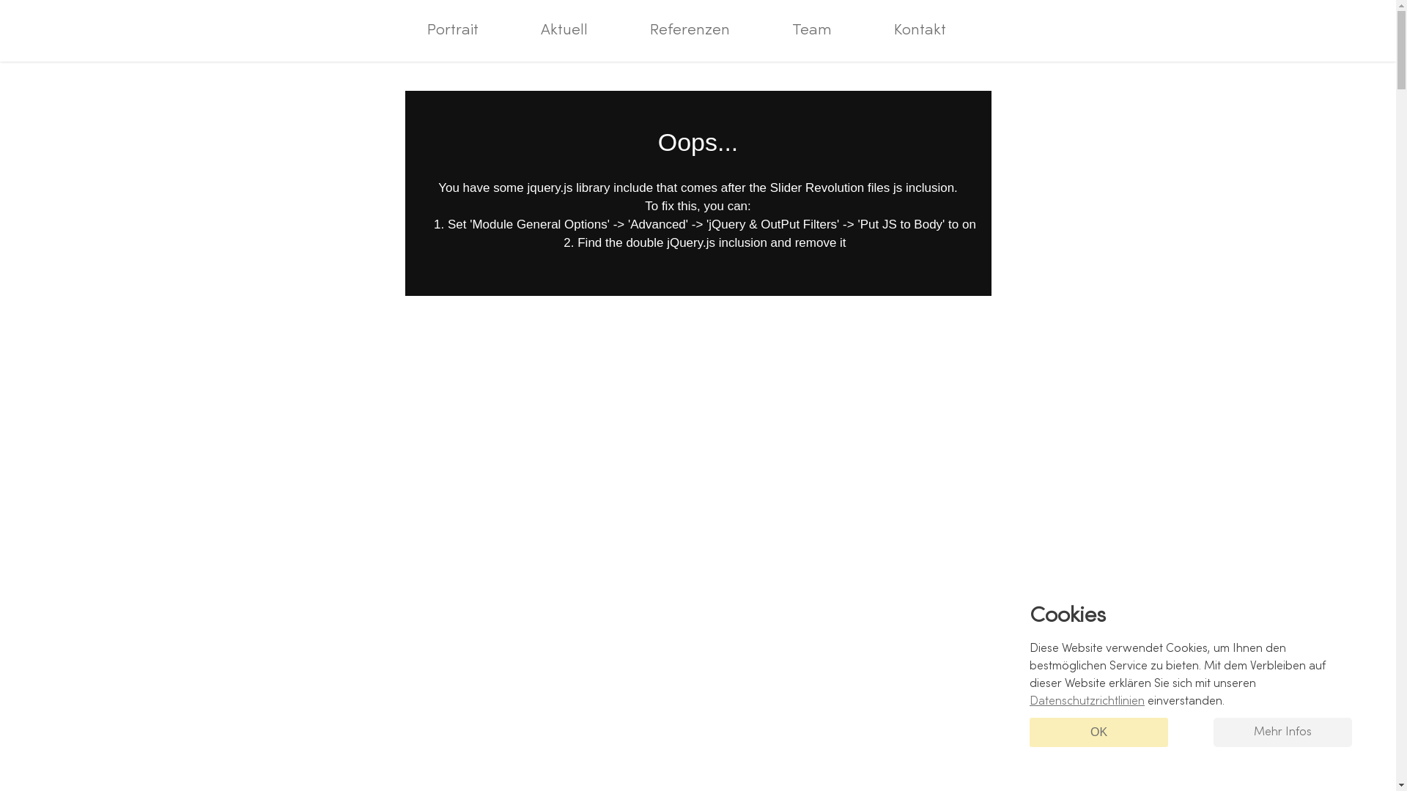 Image resolution: width=1407 pixels, height=791 pixels. What do you see at coordinates (1282, 732) in the screenshot?
I see `'Mehr Infos'` at bounding box center [1282, 732].